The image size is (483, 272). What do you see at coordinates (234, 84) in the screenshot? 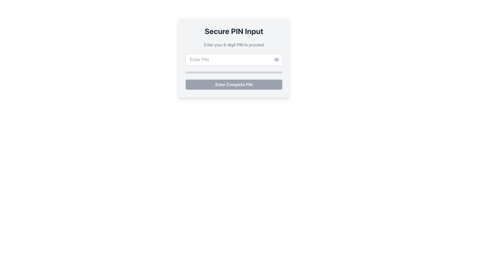
I see `the static text label that instructs the user to enter their complete PIN, which is located at the center of a gray button in the modal titled 'Secure PIN Input'` at bounding box center [234, 84].